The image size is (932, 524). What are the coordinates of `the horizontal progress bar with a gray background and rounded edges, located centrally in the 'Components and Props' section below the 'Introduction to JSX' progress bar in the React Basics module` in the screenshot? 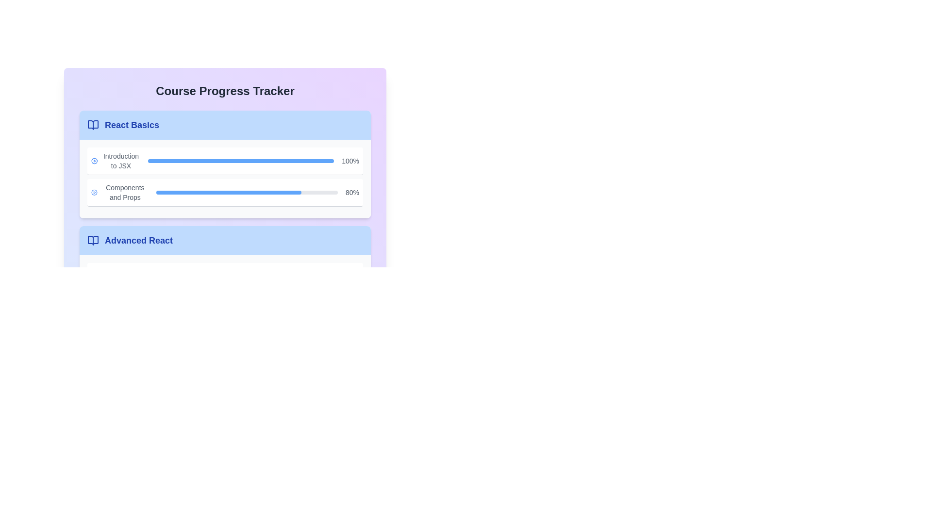 It's located at (247, 193).